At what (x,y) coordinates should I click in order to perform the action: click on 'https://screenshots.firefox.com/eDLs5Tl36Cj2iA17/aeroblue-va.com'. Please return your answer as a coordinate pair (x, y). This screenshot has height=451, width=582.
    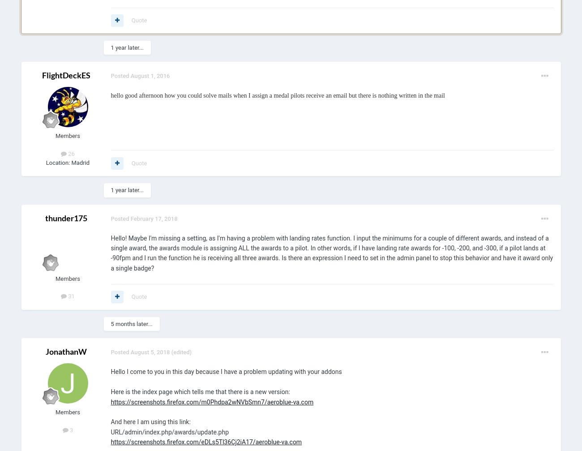
    Looking at the image, I should click on (110, 441).